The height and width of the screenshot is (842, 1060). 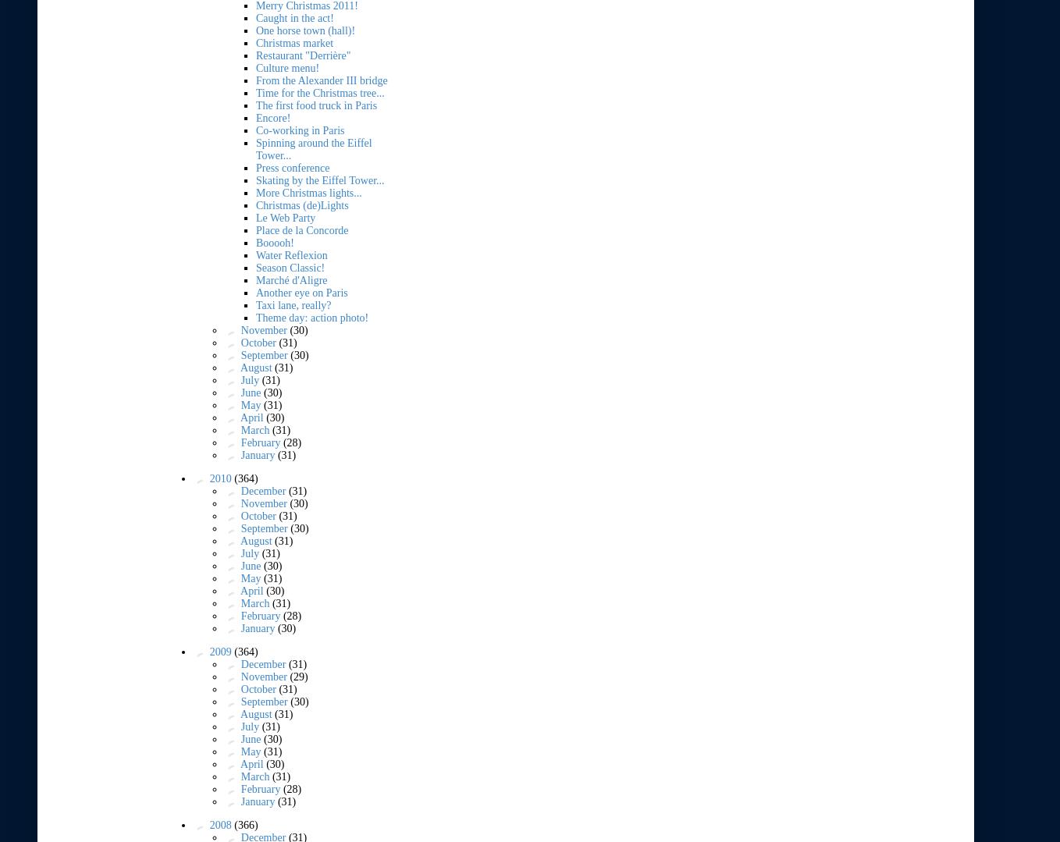 What do you see at coordinates (291, 254) in the screenshot?
I see `'Water Reflexion'` at bounding box center [291, 254].